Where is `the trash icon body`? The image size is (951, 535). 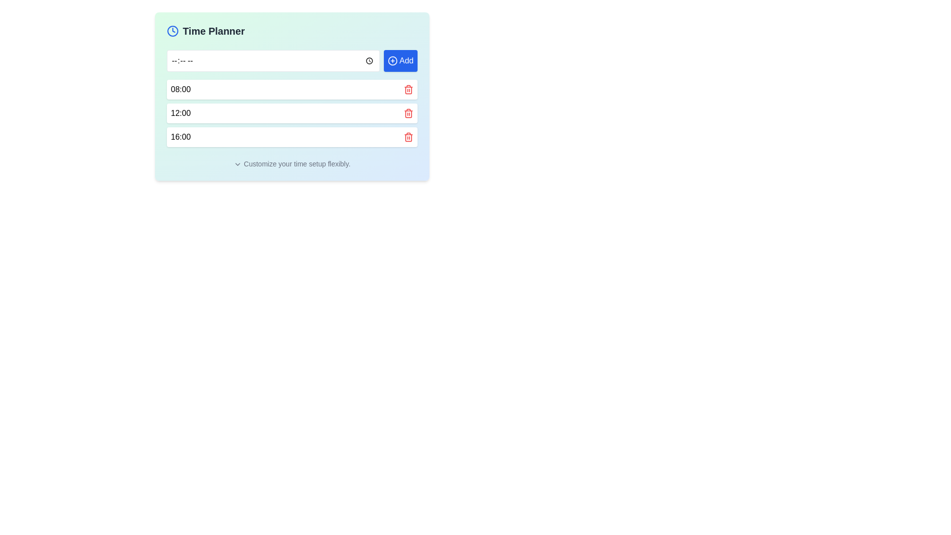
the trash icon body is located at coordinates (409, 90).